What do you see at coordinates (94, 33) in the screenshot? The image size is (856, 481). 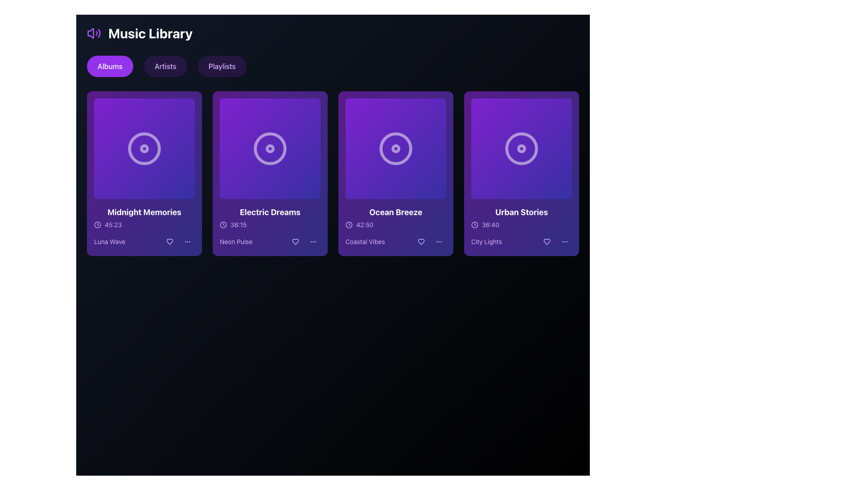 I see `the vibrant purple speaker volume icon with sound waves, located directly adjacent to the 'Music Library' title text, to invoke a volume-related action` at bounding box center [94, 33].